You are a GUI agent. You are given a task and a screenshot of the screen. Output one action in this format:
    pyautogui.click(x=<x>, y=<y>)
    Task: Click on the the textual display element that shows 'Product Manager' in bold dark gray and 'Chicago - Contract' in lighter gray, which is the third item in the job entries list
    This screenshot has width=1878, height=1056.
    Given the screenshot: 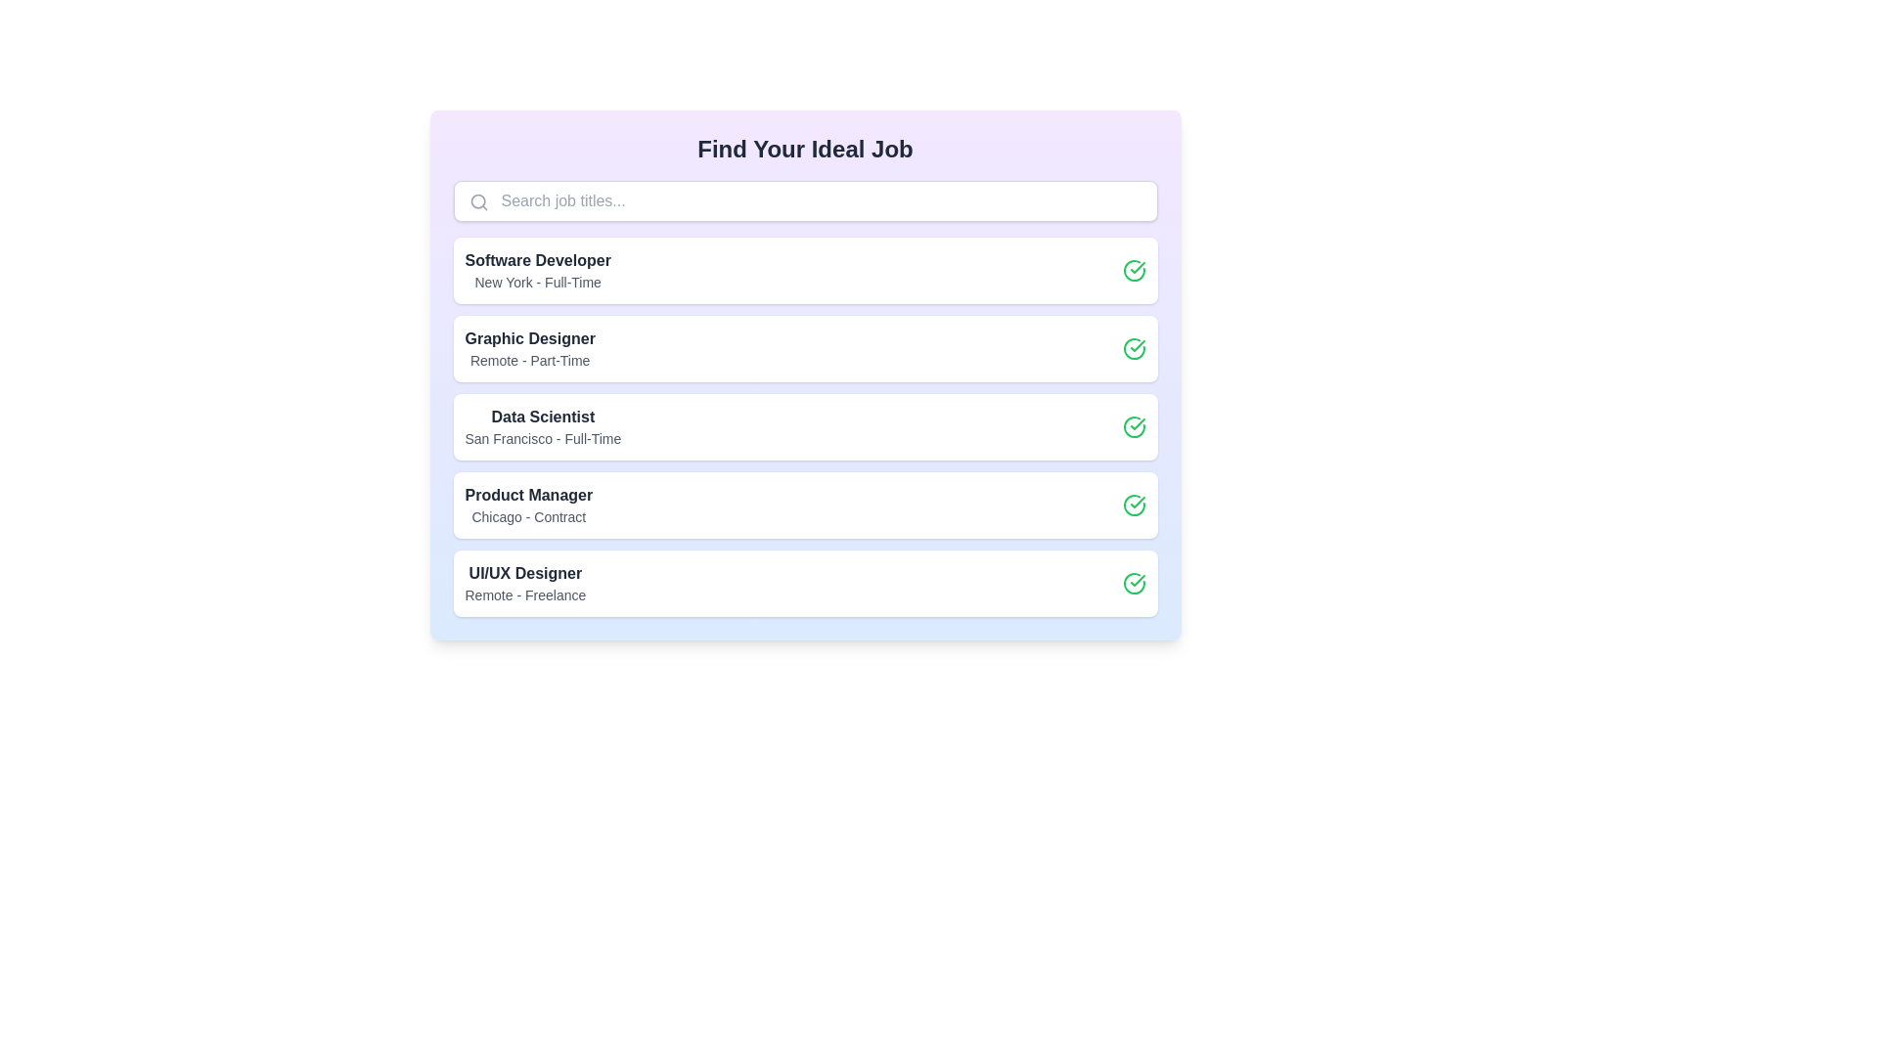 What is the action you would take?
    pyautogui.click(x=528, y=504)
    